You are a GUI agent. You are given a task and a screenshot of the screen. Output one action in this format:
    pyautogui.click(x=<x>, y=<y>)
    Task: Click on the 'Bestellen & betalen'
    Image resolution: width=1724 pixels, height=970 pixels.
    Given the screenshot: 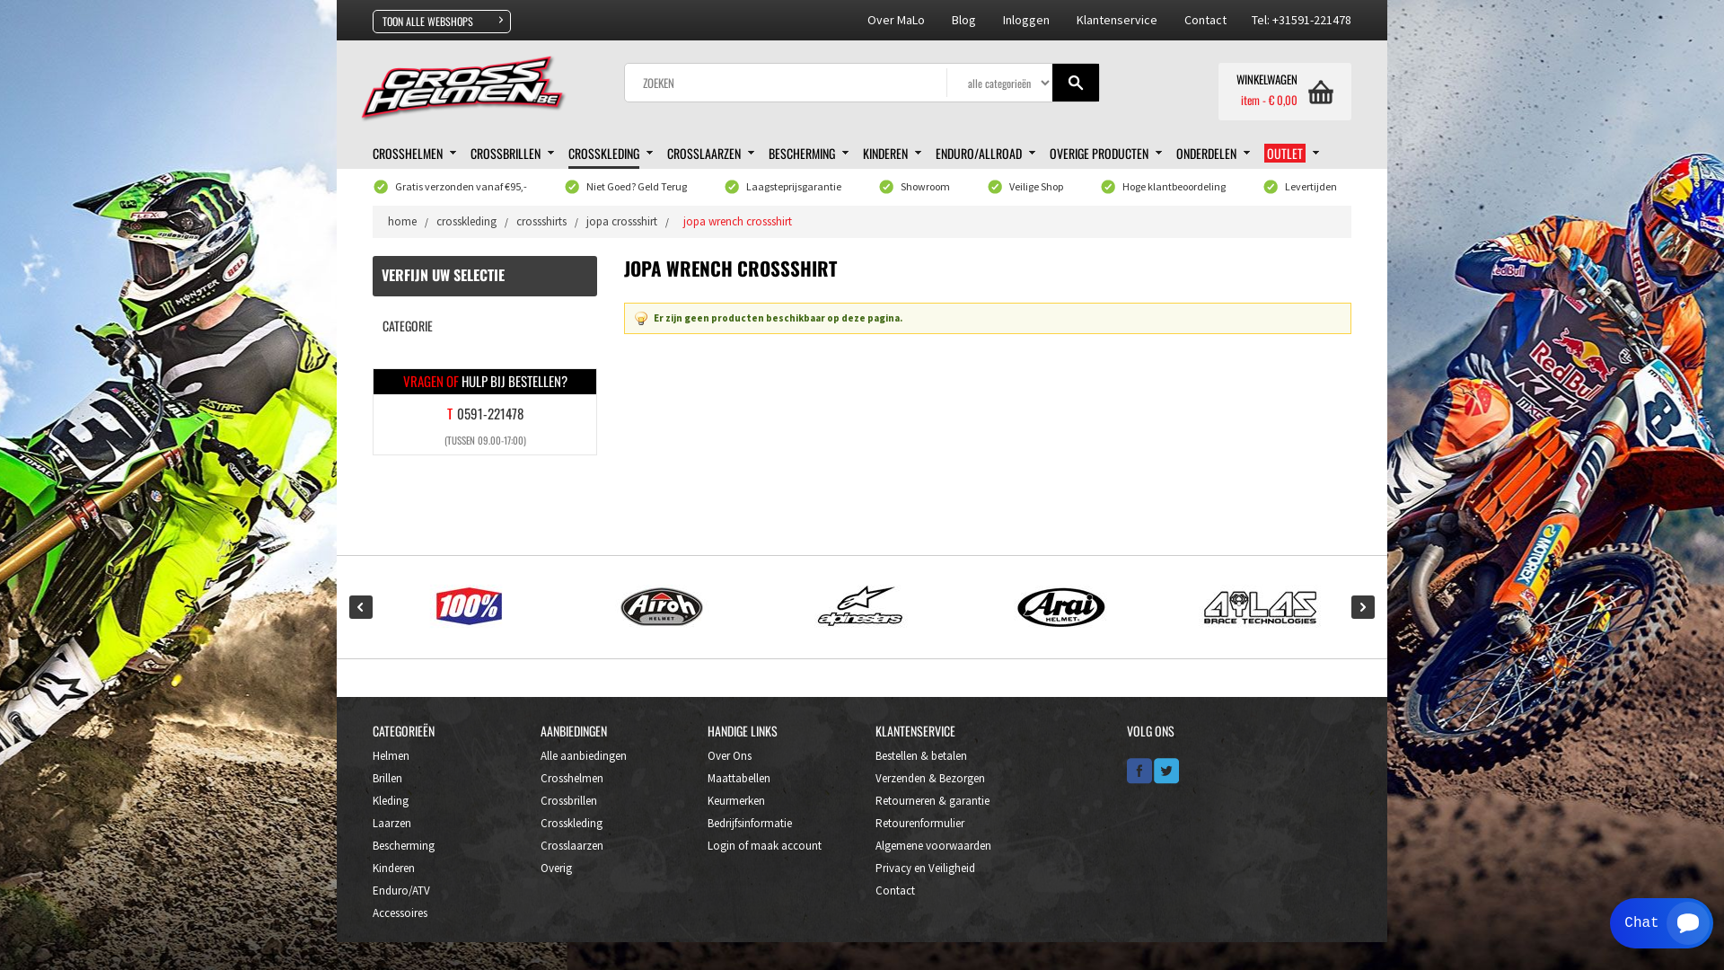 What is the action you would take?
    pyautogui.click(x=921, y=754)
    